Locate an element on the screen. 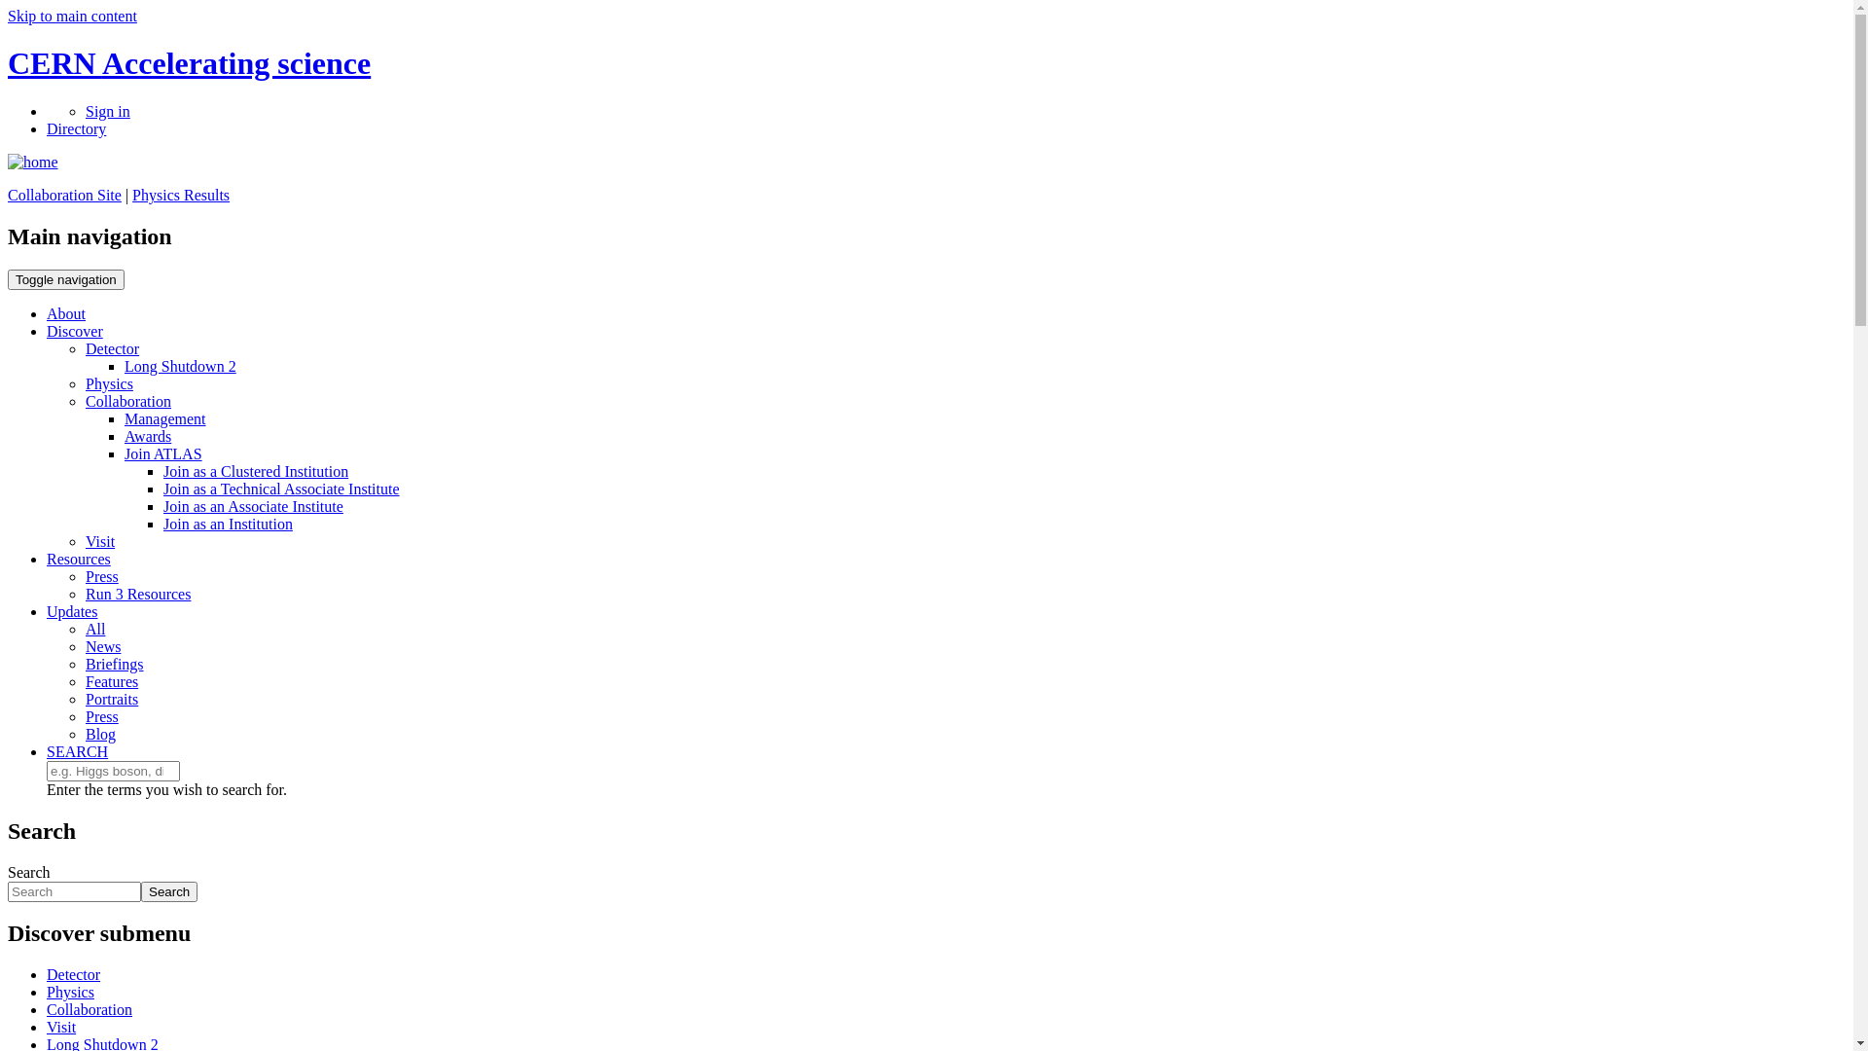 The image size is (1868, 1051). 'Resources' is located at coordinates (47, 559).